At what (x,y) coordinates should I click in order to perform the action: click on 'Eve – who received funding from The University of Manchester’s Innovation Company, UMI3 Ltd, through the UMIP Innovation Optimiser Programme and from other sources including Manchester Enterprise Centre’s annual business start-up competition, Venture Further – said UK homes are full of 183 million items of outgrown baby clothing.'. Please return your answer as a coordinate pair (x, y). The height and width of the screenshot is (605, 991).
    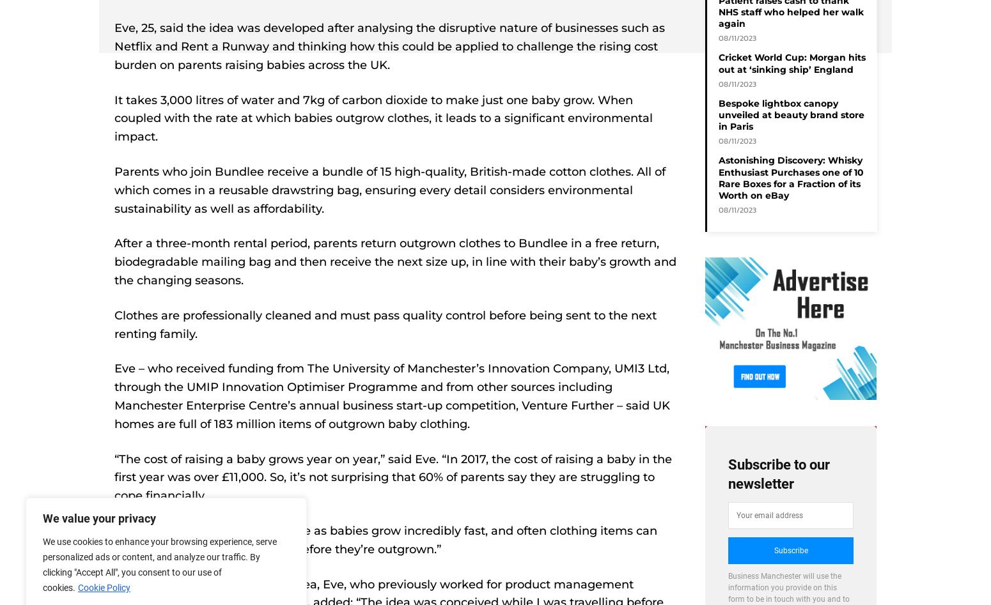
    Looking at the image, I should click on (392, 396).